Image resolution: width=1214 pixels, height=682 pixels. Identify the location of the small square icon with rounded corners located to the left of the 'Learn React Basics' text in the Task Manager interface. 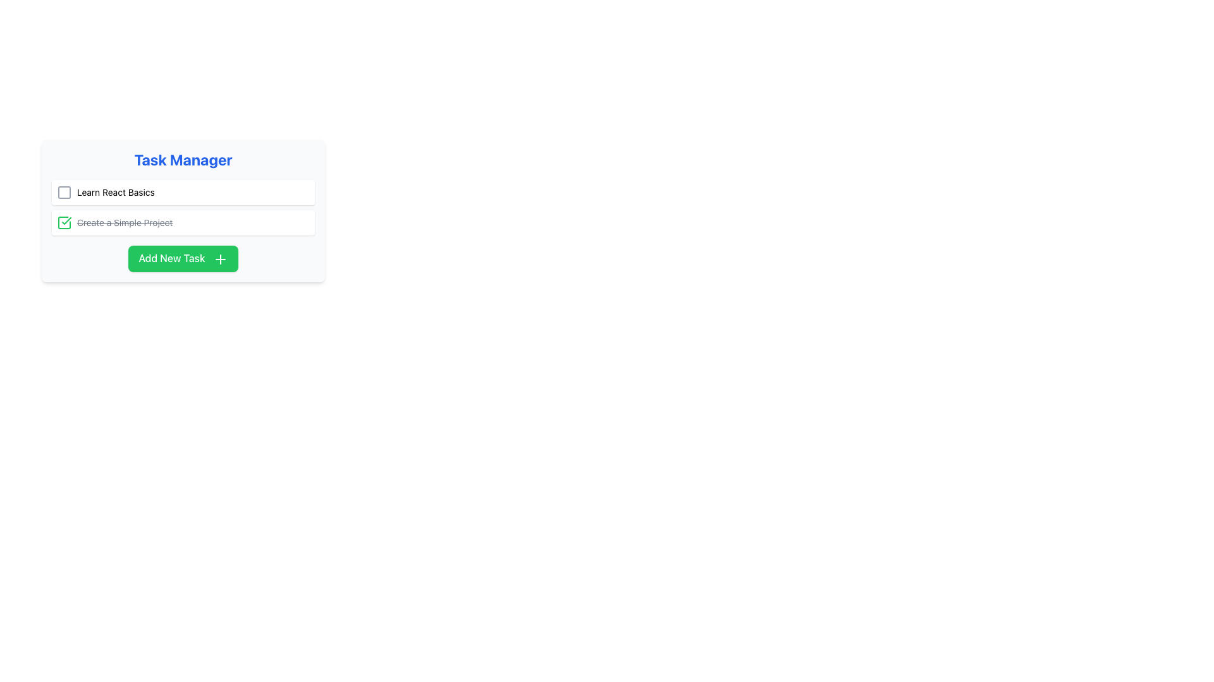
(63, 192).